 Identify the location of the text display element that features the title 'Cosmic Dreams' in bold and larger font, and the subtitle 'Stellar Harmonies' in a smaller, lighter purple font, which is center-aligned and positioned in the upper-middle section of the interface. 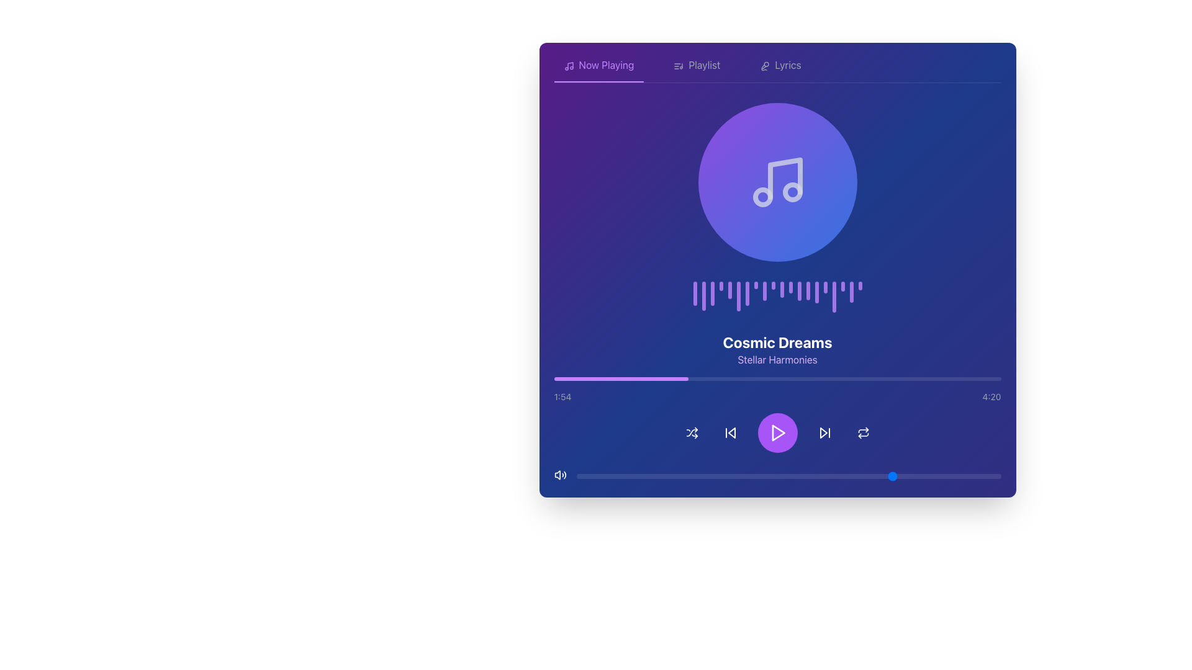
(777, 349).